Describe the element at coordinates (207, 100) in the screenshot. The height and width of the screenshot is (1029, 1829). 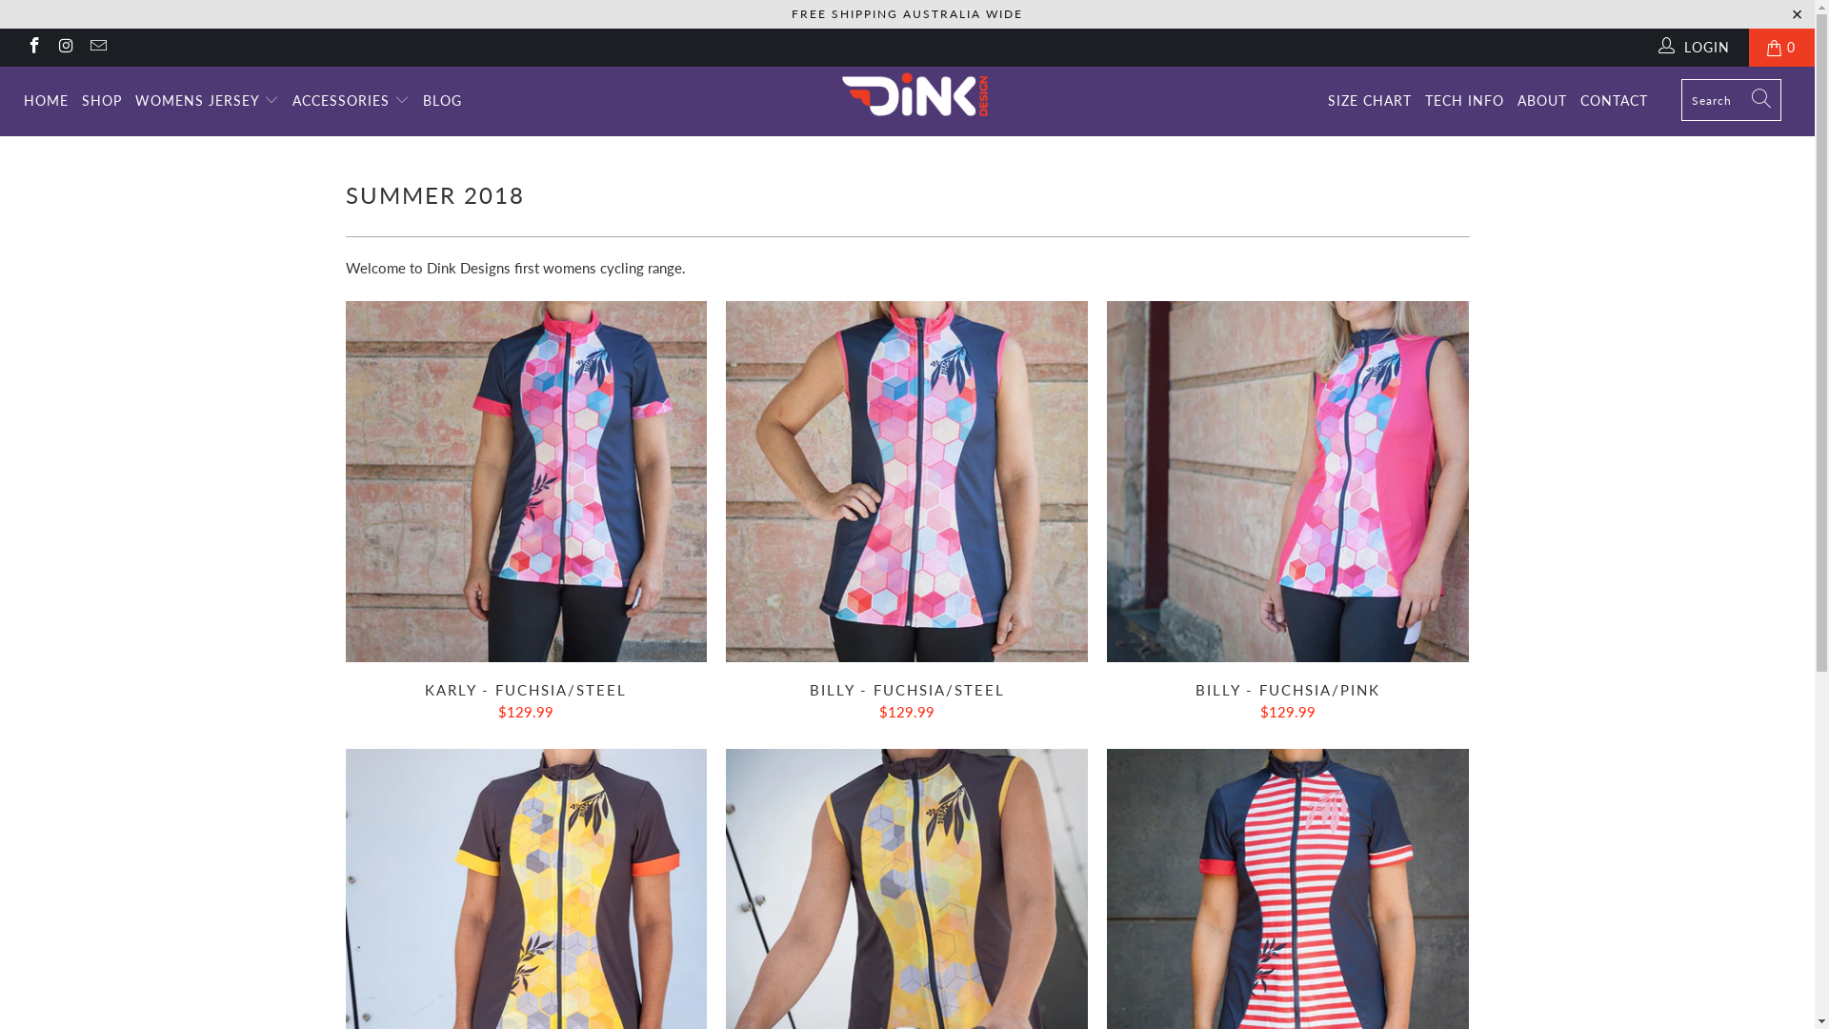
I see `'WOMENS JERSEY'` at that location.